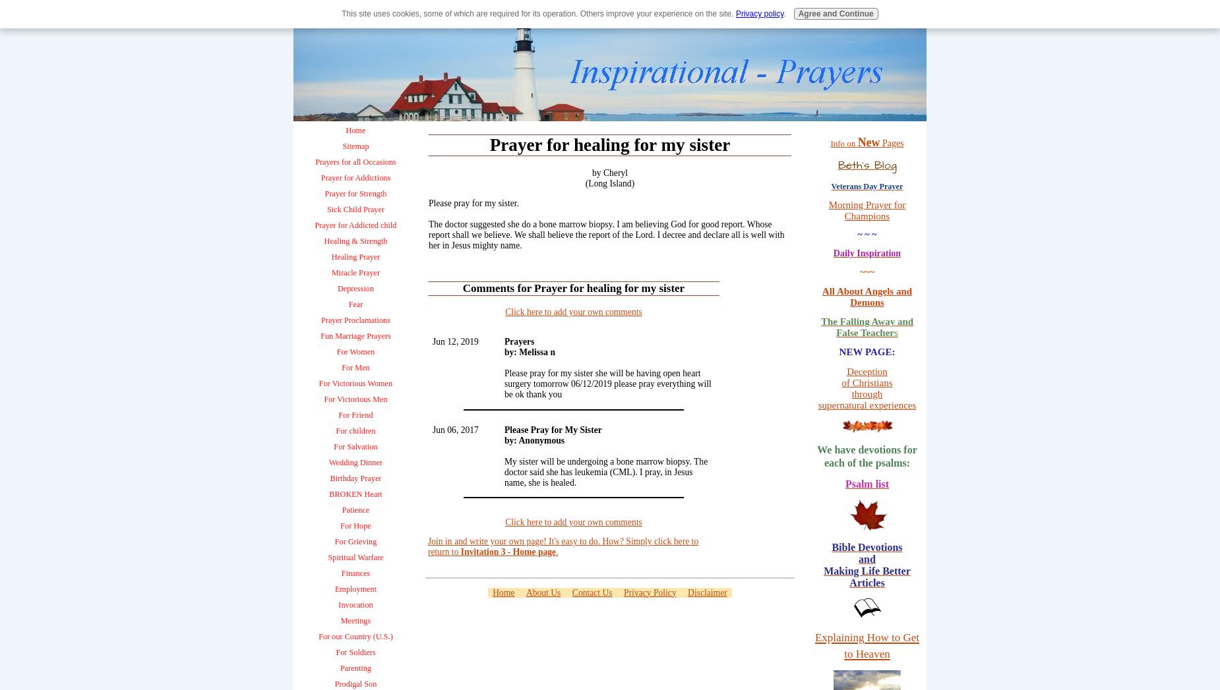  Describe the element at coordinates (649, 591) in the screenshot. I see `'Privacy Policy'` at that location.